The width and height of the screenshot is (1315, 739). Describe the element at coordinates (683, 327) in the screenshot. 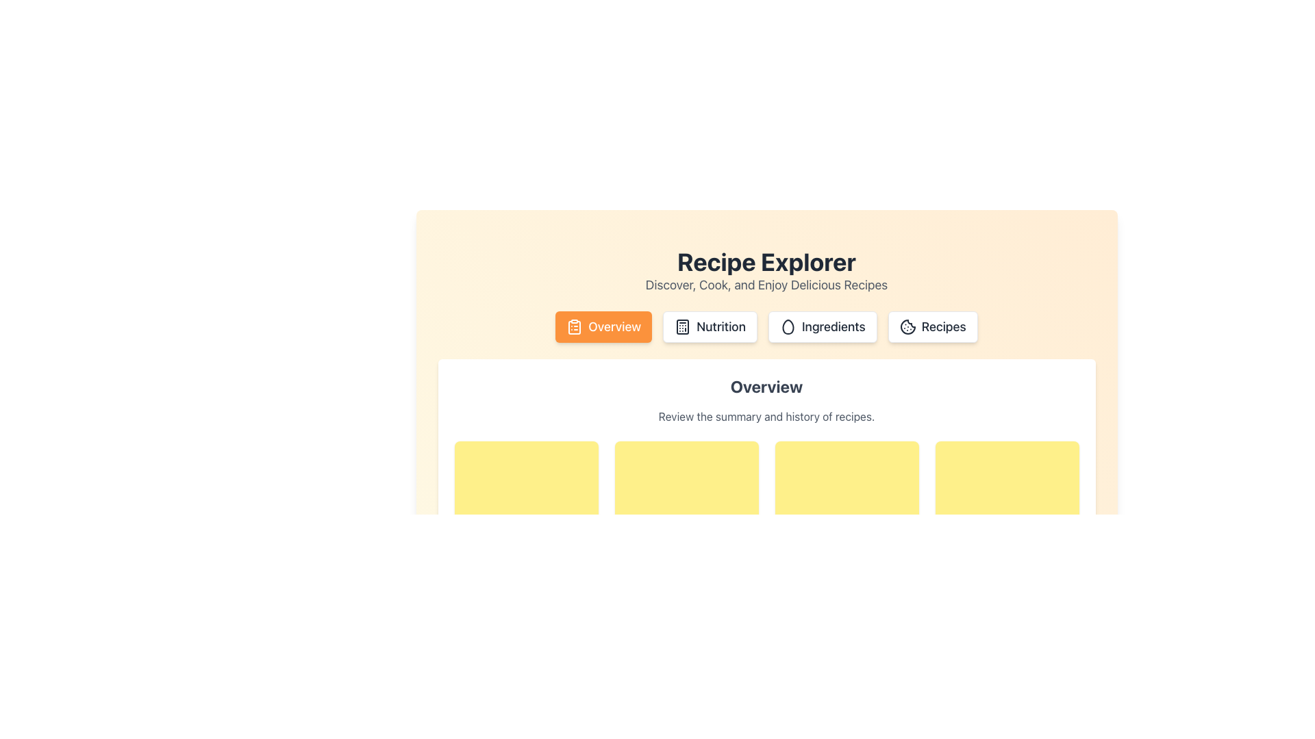

I see `the calculator icon located within the 'Nutrition' button, the second clickable element in the navigation bar below the 'Recipe Explorer' title` at that location.